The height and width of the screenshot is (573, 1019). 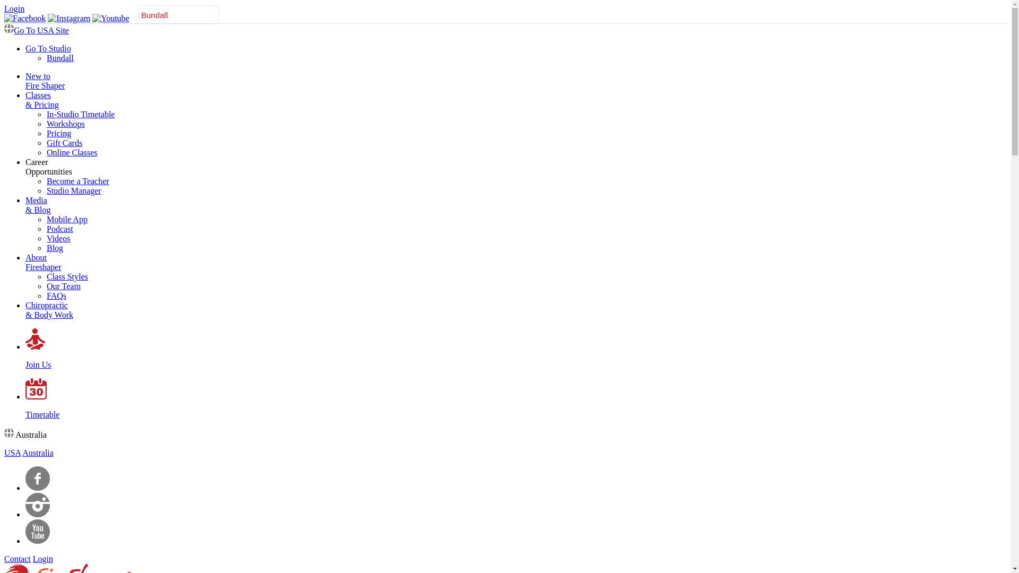 What do you see at coordinates (54, 248) in the screenshot?
I see `'Blog'` at bounding box center [54, 248].